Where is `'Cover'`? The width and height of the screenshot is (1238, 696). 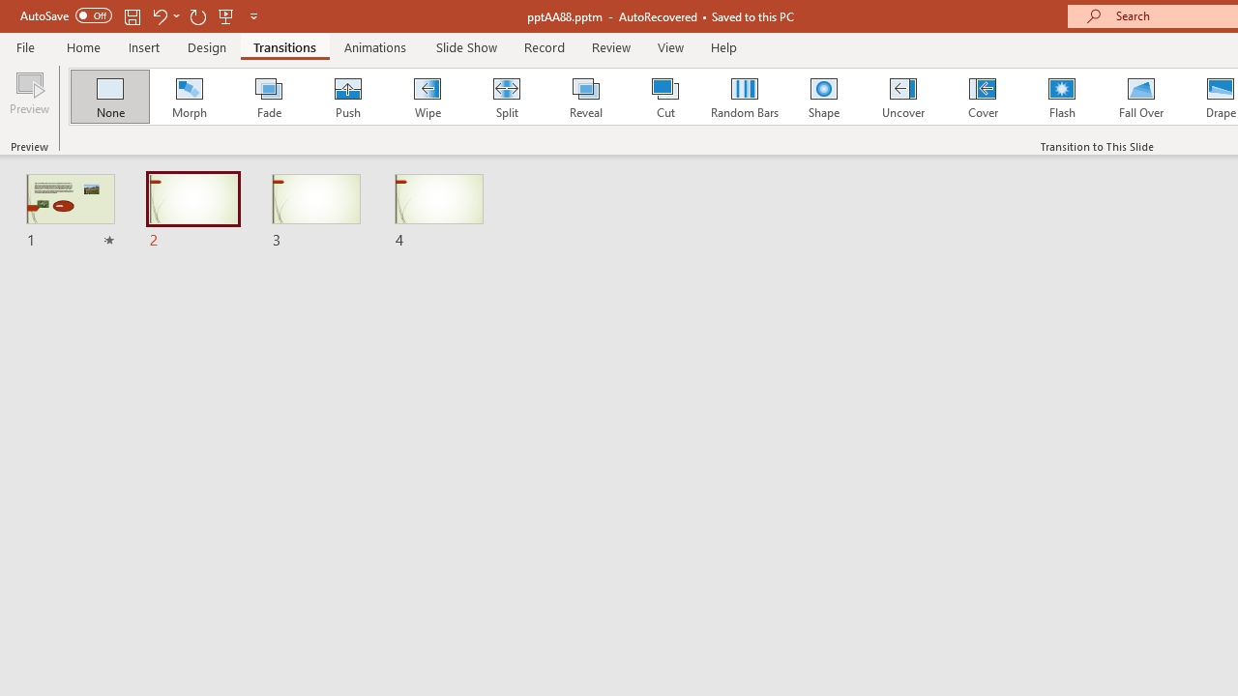 'Cover' is located at coordinates (983, 97).